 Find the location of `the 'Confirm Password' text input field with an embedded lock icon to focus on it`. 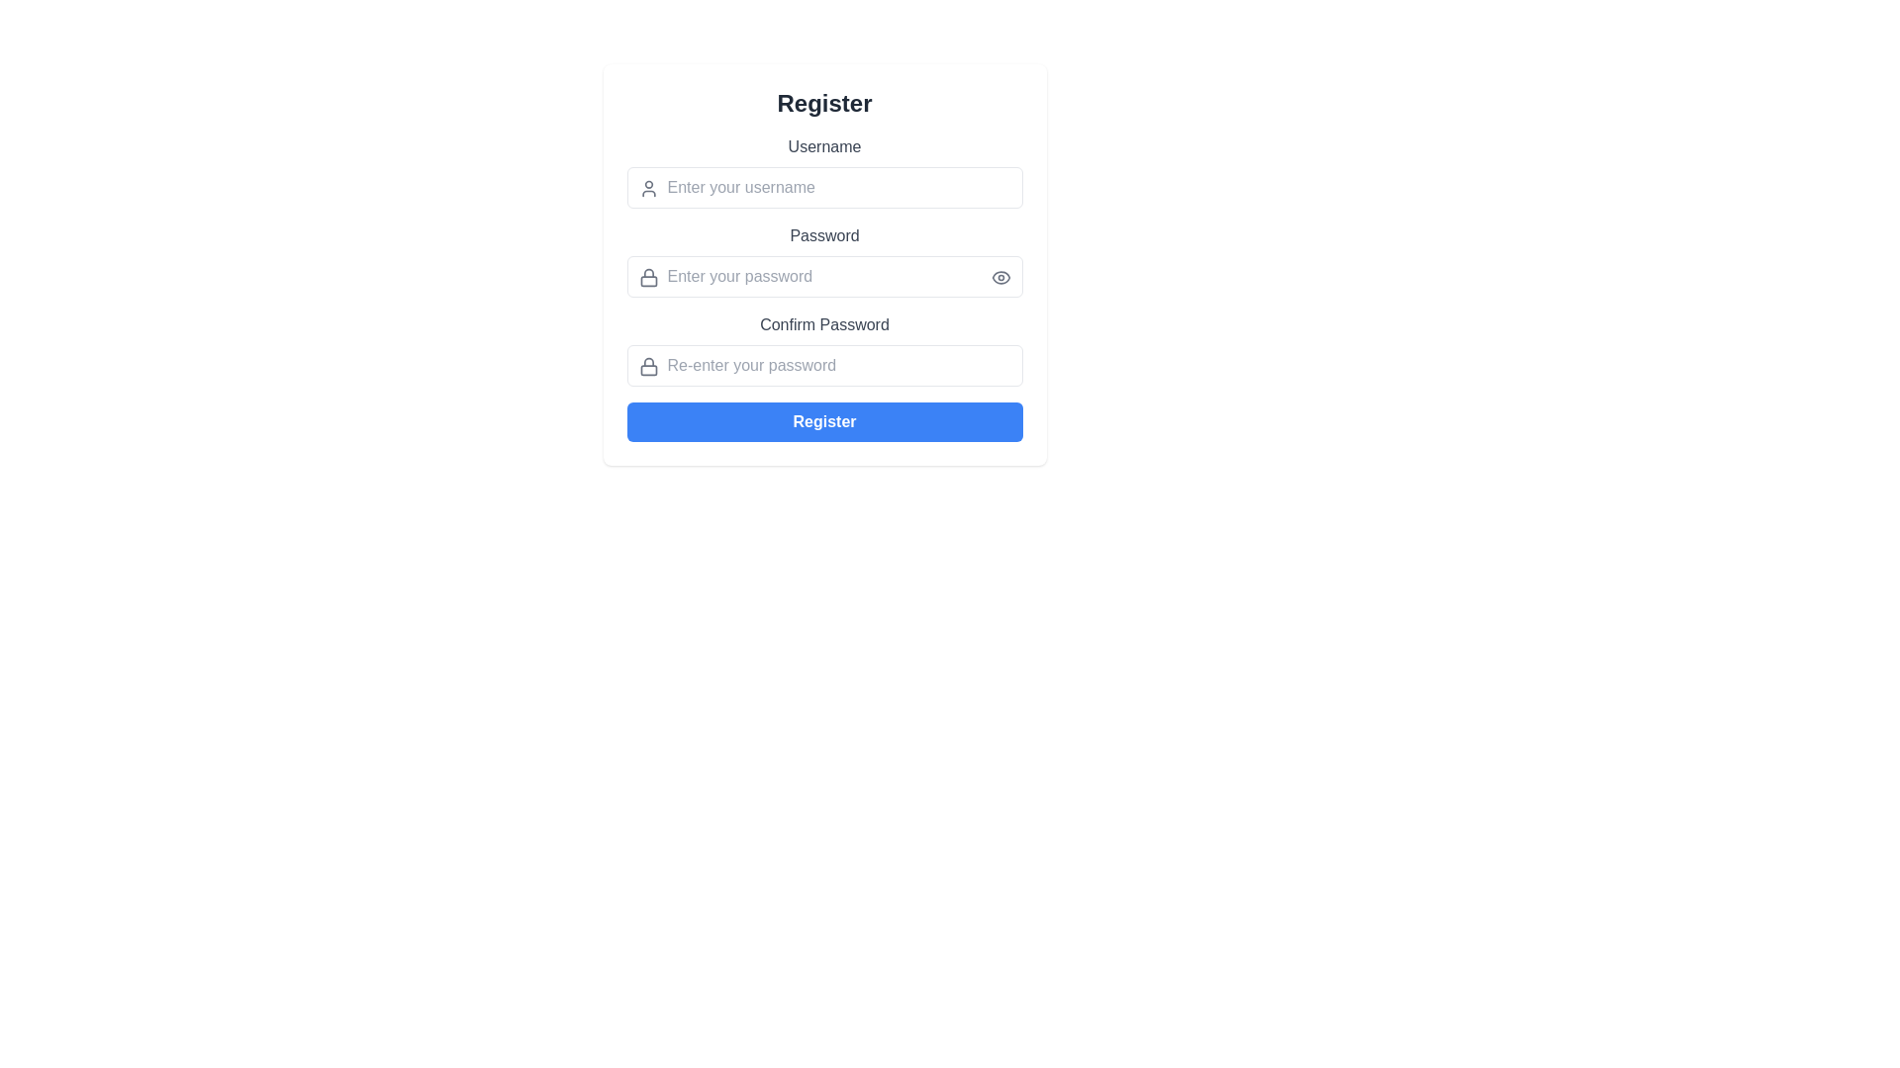

the 'Confirm Password' text input field with an embedded lock icon to focus on it is located at coordinates (824, 366).